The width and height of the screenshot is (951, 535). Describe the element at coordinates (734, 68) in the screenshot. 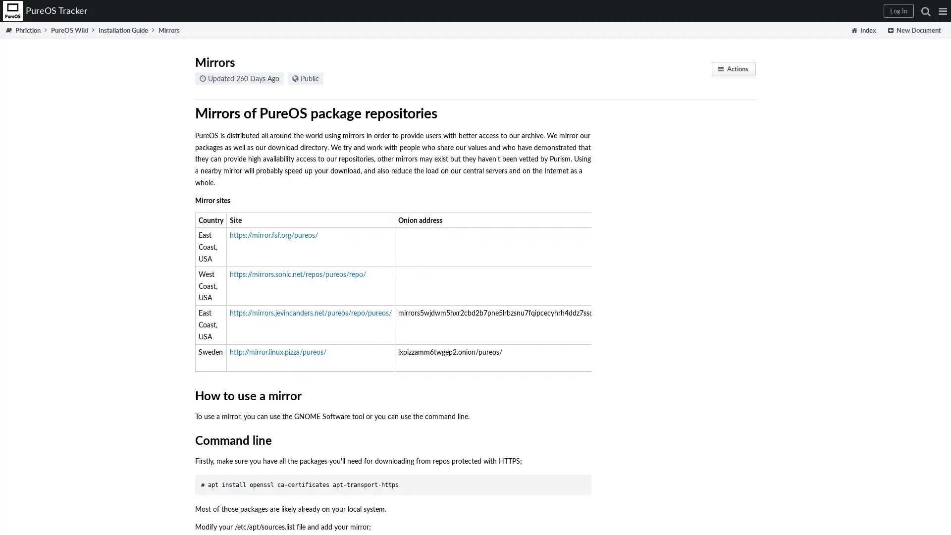

I see `Actions` at that location.